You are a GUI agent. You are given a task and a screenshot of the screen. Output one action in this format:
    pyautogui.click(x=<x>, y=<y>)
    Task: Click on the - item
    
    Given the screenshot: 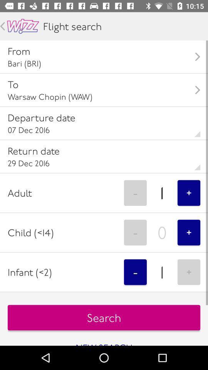 What is the action you would take?
    pyautogui.click(x=135, y=272)
    